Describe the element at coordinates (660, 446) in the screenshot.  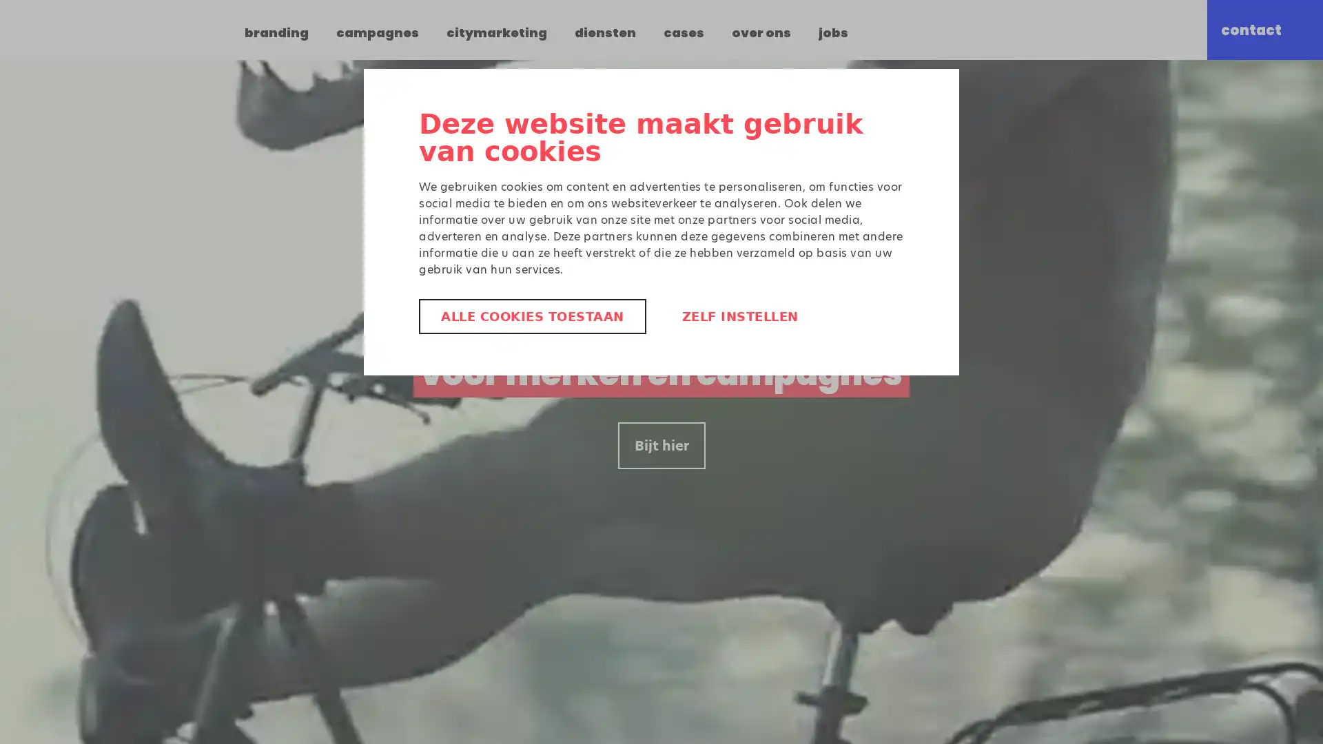
I see `Bijt hier` at that location.